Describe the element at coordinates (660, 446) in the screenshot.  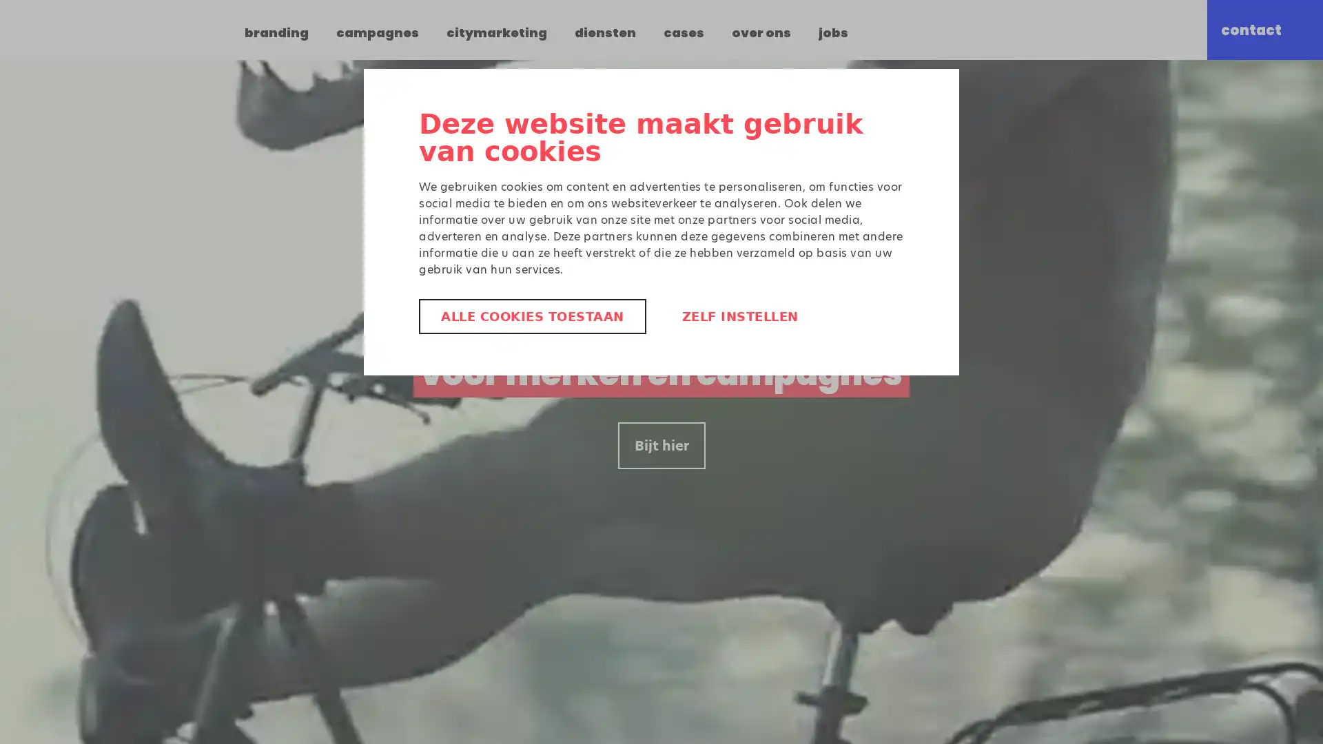
I see `Bijt hier` at that location.